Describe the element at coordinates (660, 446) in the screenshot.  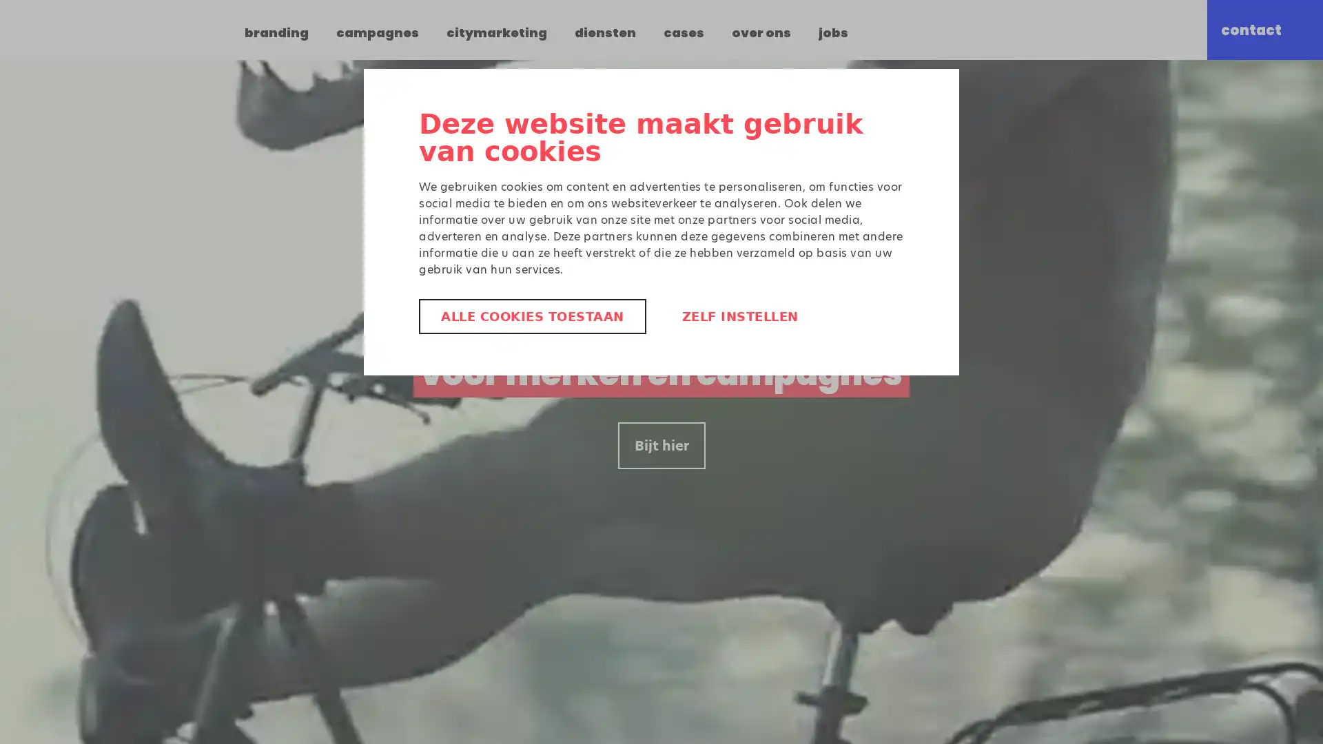
I see `Bijt hier` at that location.